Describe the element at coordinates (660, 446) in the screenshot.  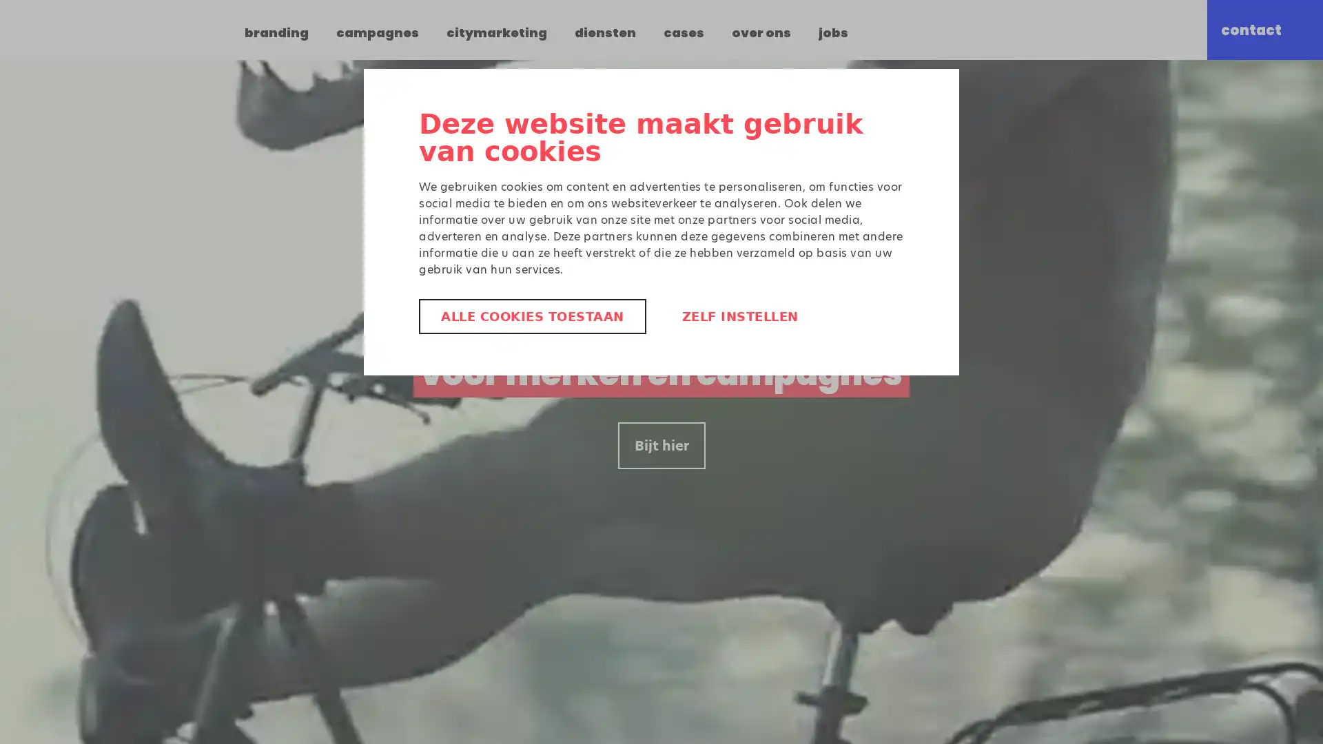
I see `Bijt hier` at that location.